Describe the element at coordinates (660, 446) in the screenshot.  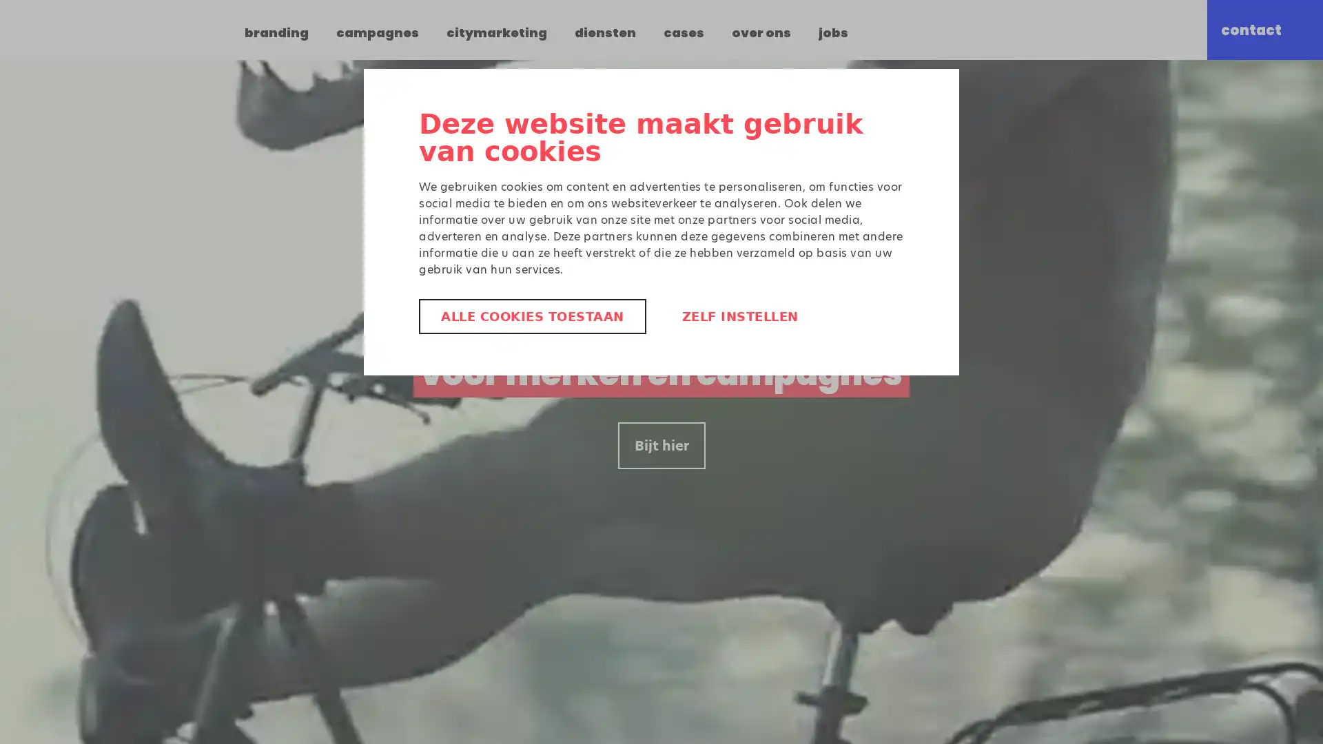
I see `Bijt hier` at that location.